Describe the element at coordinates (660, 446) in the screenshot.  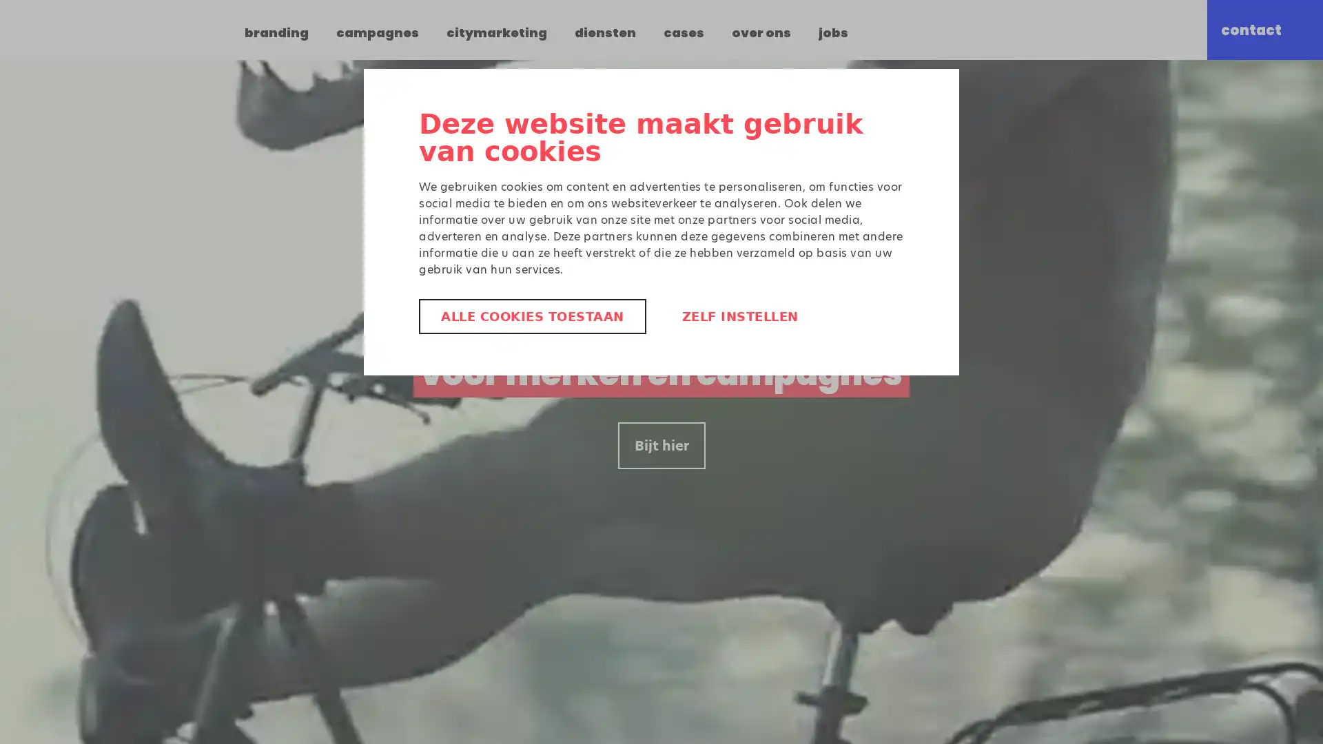
I see `Bijt hier` at that location.